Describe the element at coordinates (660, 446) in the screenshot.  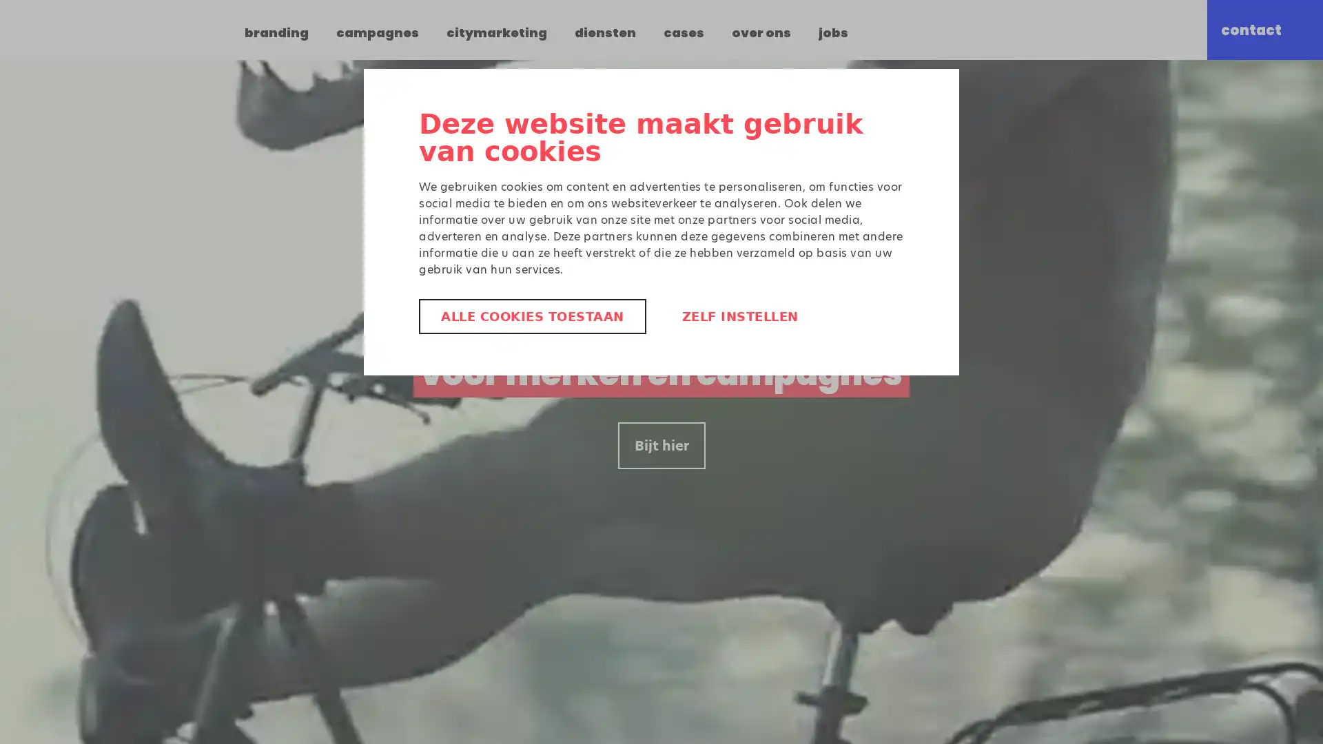
I see `Bijt hier` at that location.